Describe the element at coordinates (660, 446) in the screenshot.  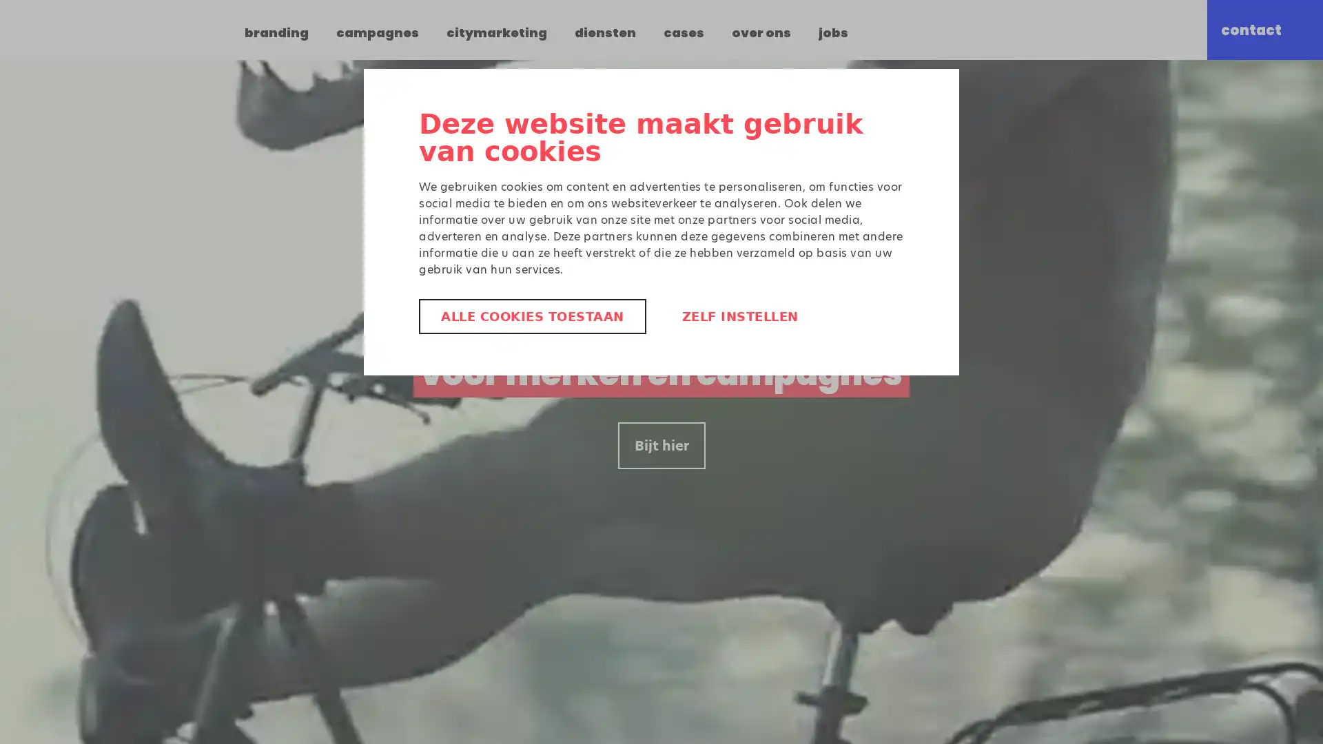
I see `Bijt hier` at that location.